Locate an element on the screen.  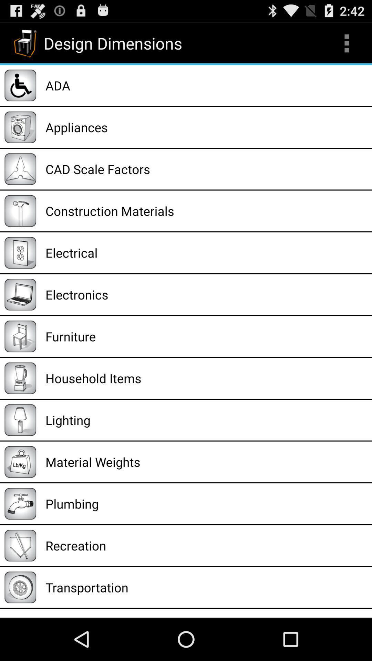
material weights item is located at coordinates (206, 462).